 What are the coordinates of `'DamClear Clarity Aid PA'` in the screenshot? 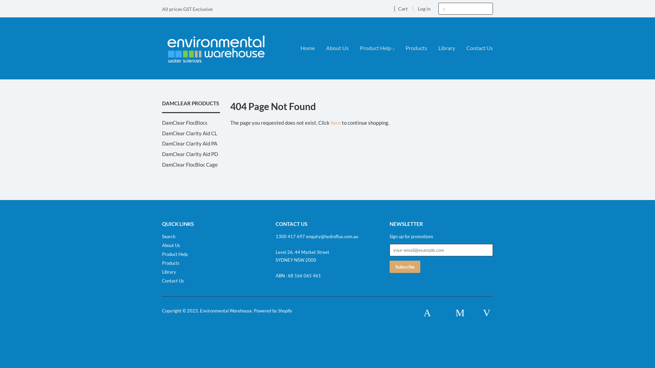 It's located at (190, 143).